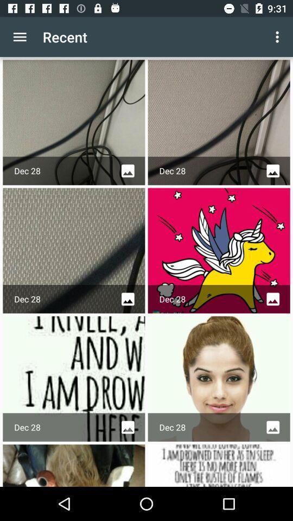 The height and width of the screenshot is (521, 293). I want to click on the image which is titled with dec 28, so click(219, 379).